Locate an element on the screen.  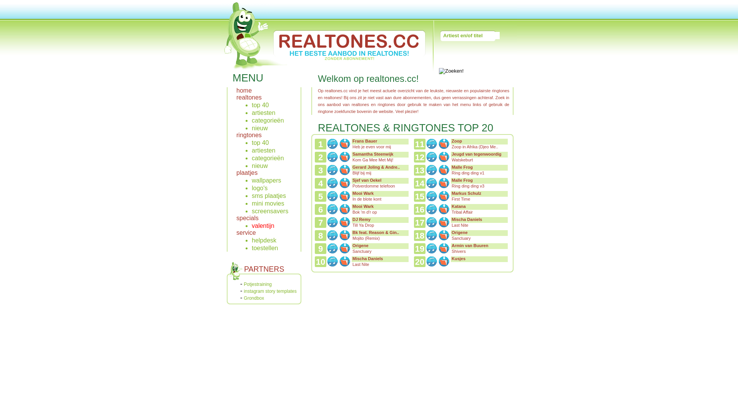
'artiesten' is located at coordinates (263, 113).